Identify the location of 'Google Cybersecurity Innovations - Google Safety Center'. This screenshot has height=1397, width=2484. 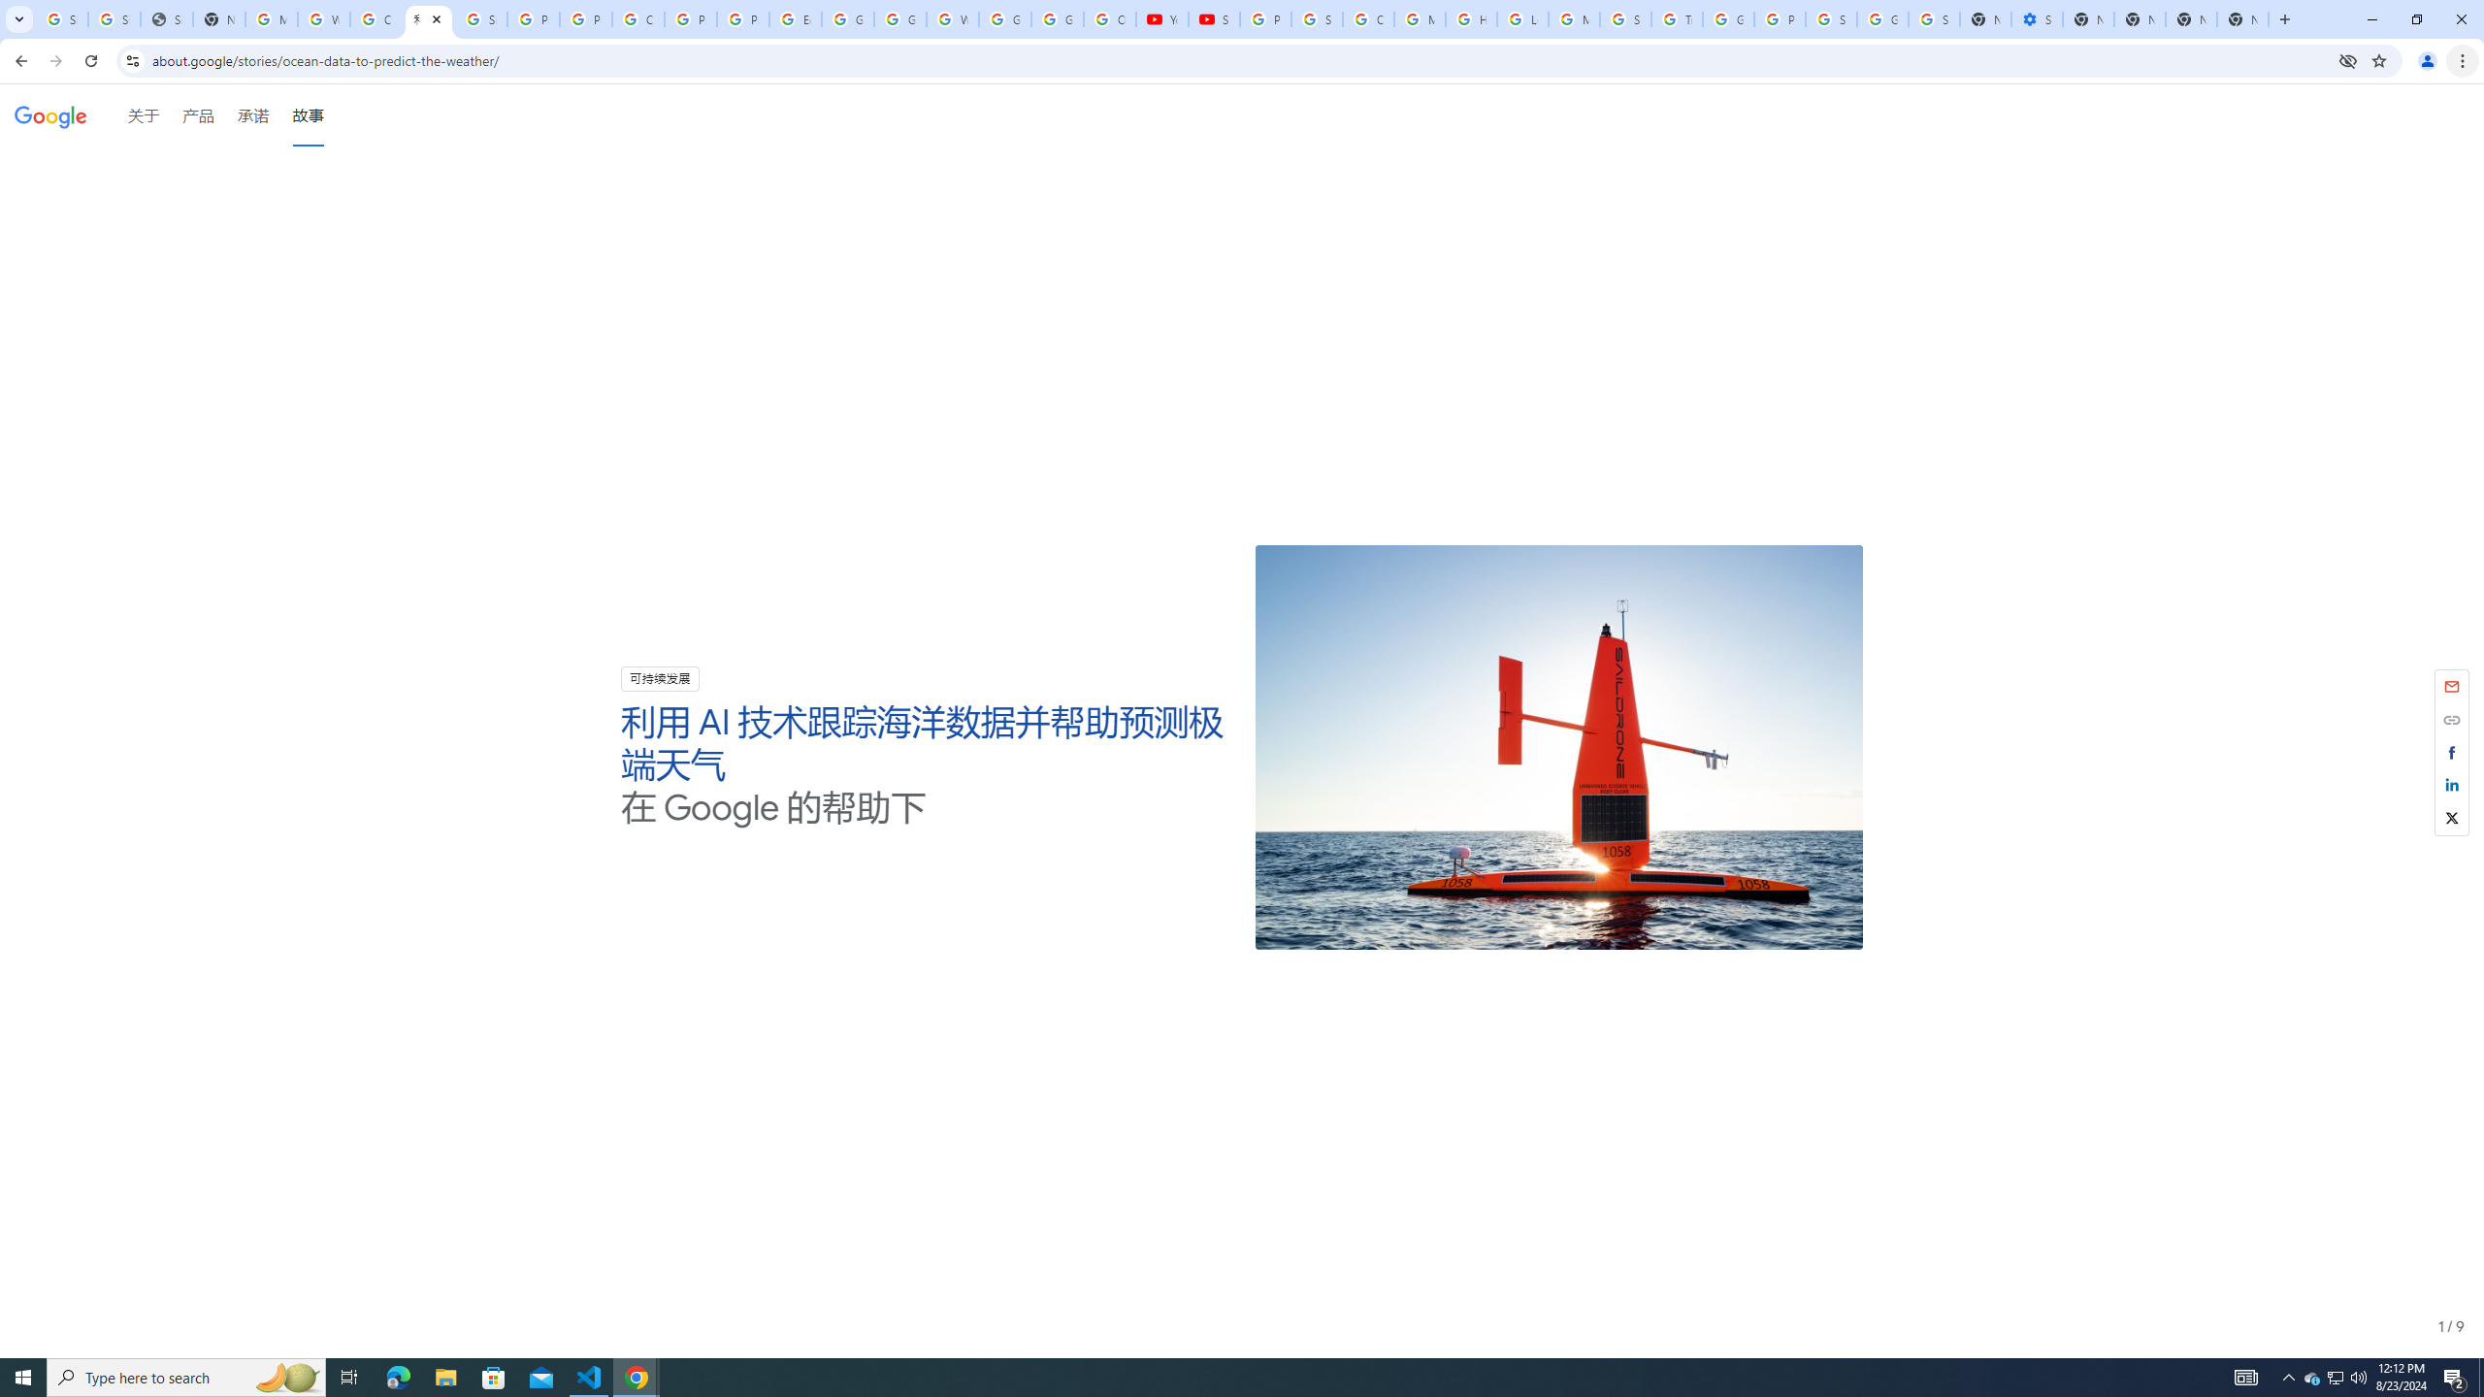
(1882, 18).